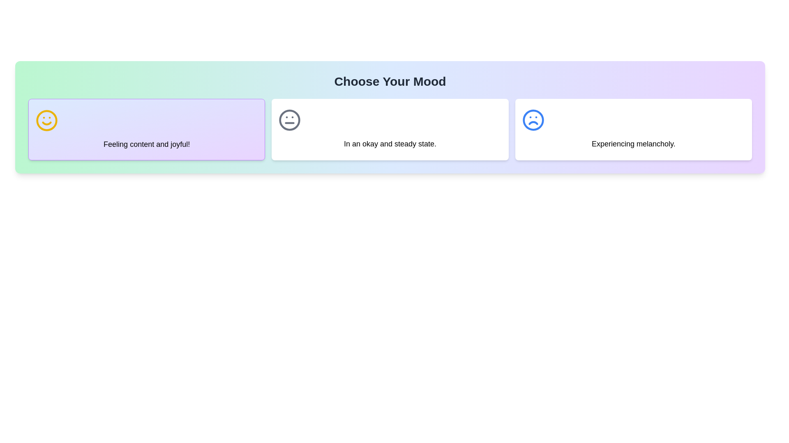  What do you see at coordinates (147, 144) in the screenshot?
I see `the text label that displays a positive mood, located at the bottom of the leftmost card in the mood options, which is thematically linked to a smiling emoji above it` at bounding box center [147, 144].